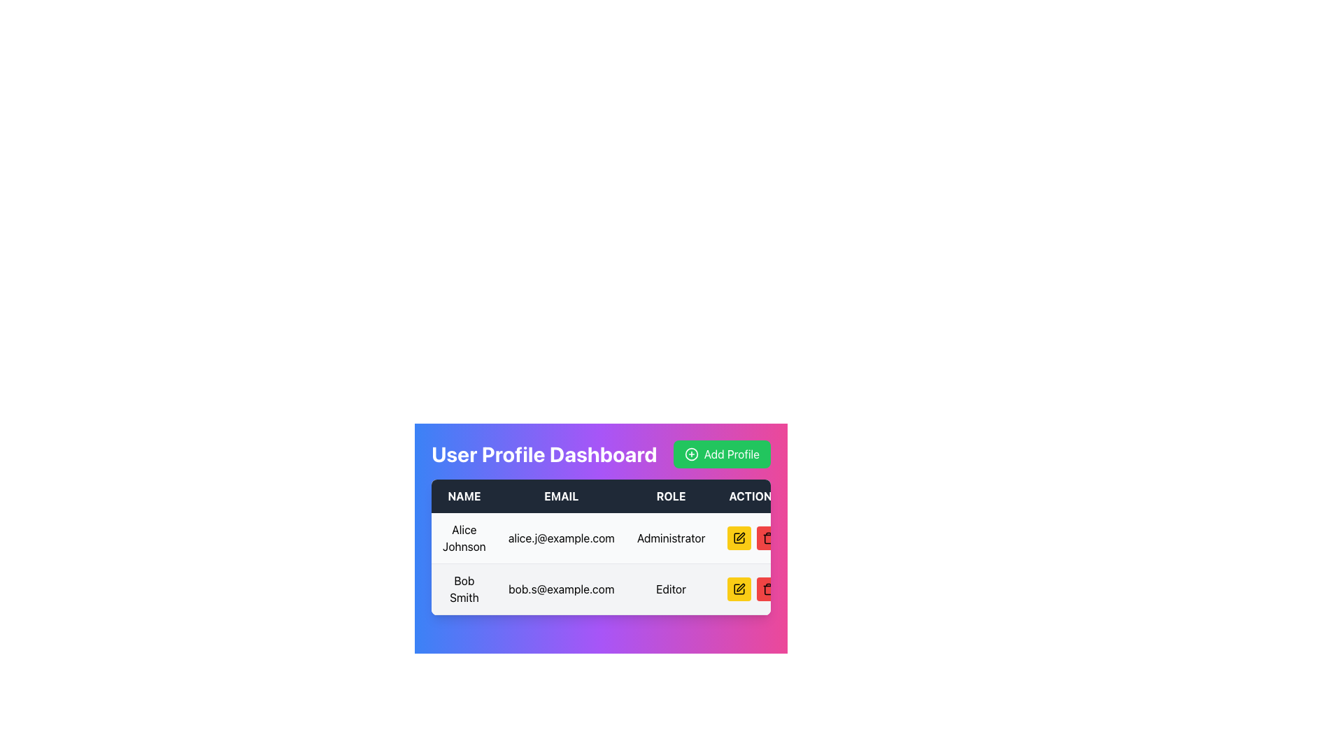 The height and width of the screenshot is (755, 1343). What do you see at coordinates (768, 538) in the screenshot?
I see `the small icon button with a red background and trash can symbol, which is the second button in the 'Action' column of the highlighted table row` at bounding box center [768, 538].